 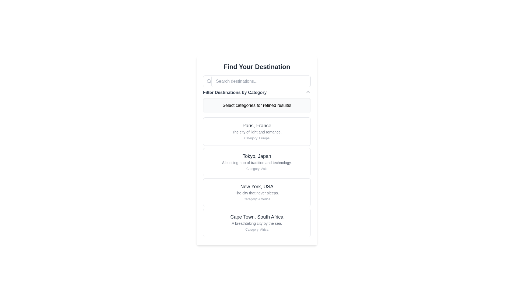 I want to click on the text label displaying 'A bustling hub of tradition and technology.' which is located below the title 'Tokyo, Japan' in the third destination card, so click(x=257, y=162).